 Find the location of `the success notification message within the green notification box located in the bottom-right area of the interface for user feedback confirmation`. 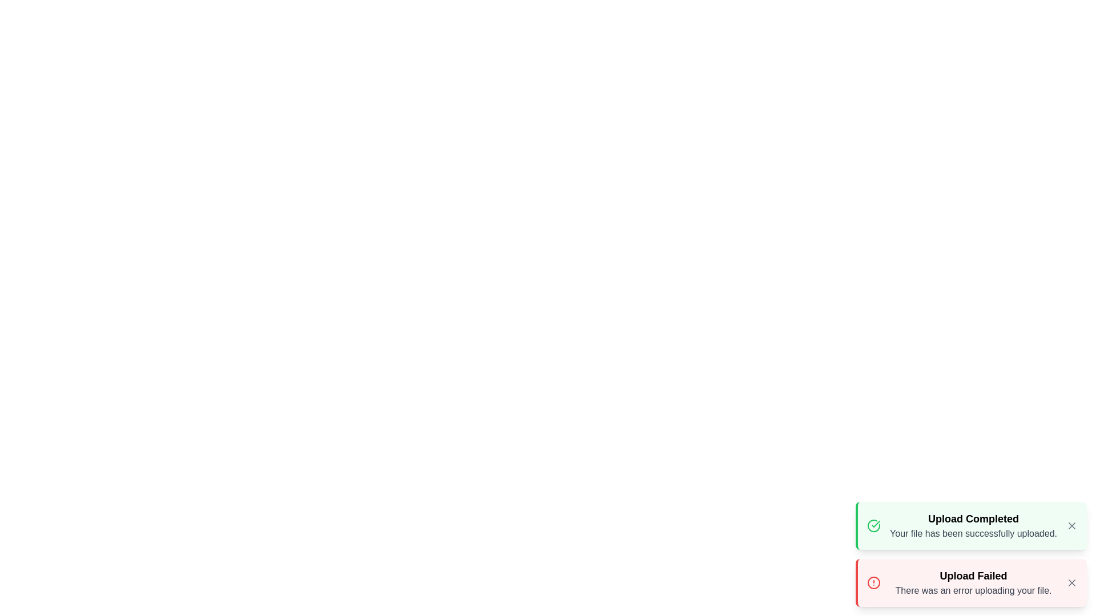

the success notification message within the green notification box located in the bottom-right area of the interface for user feedback confirmation is located at coordinates (973, 525).